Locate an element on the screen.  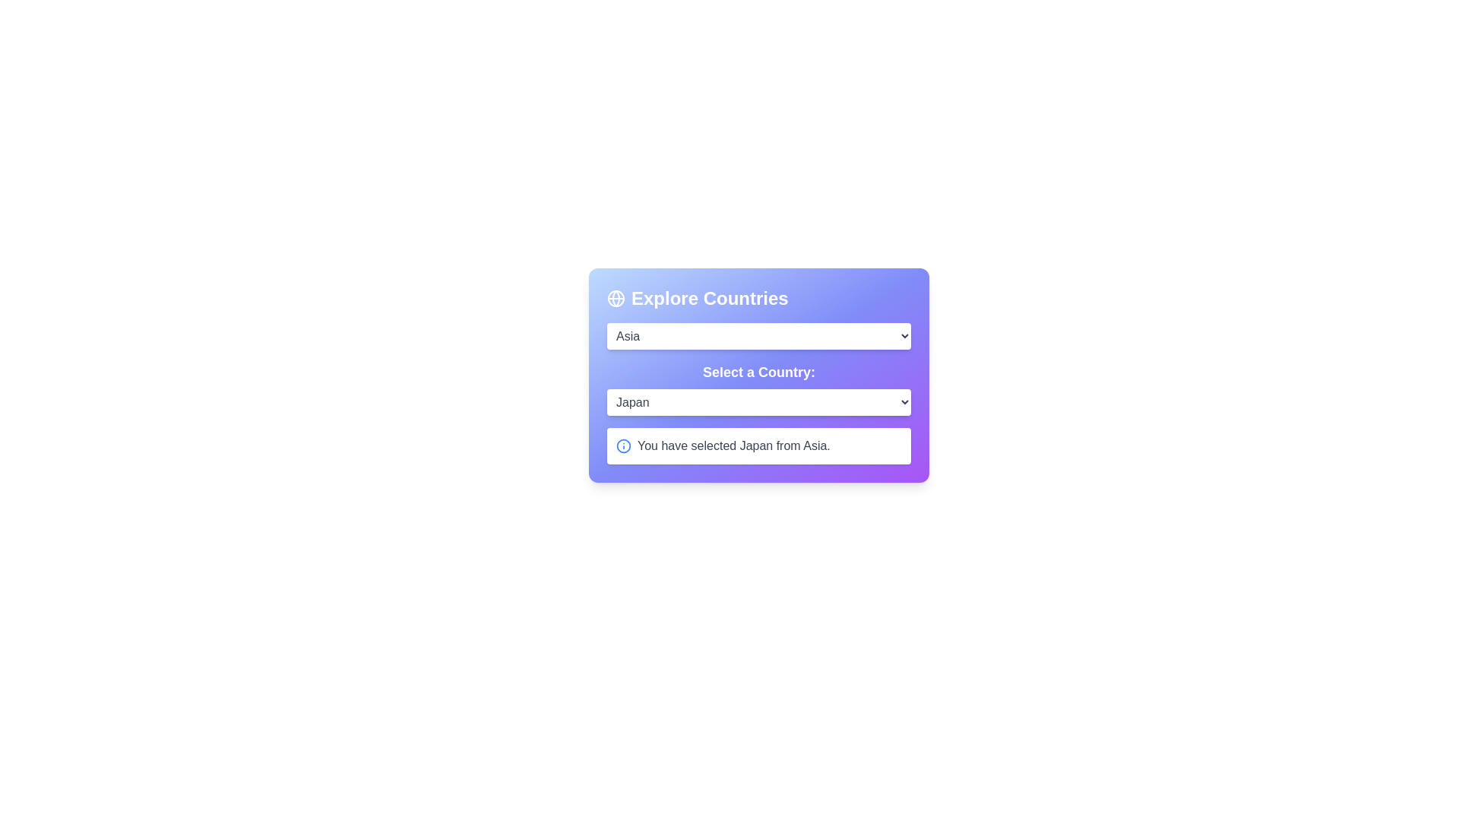
the continent Asia from the dropdown menu is located at coordinates (758, 335).